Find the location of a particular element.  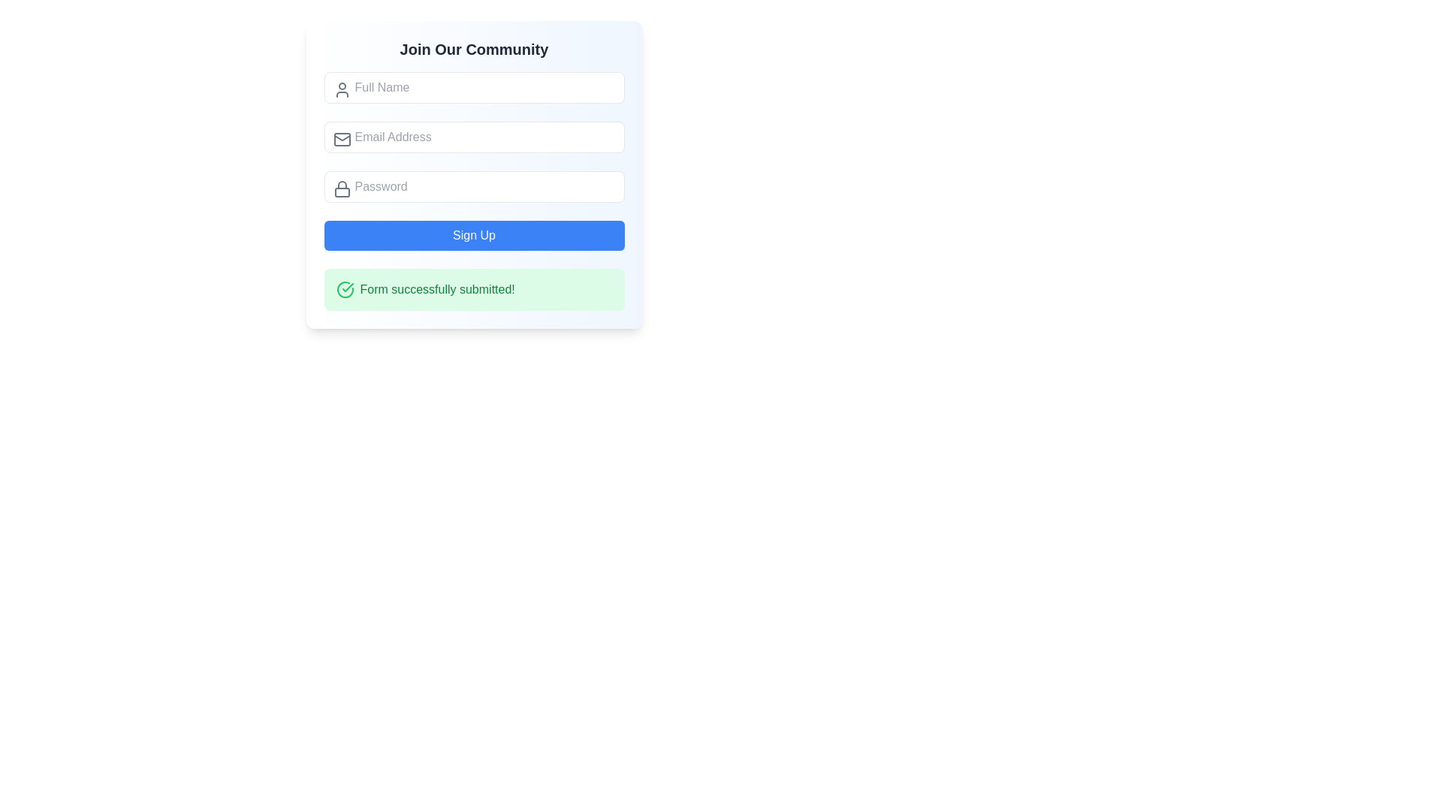

the notification message displaying 'Form successfully submitted!' which is styled in green and contains a green checkmark icon on the left is located at coordinates (473, 289).